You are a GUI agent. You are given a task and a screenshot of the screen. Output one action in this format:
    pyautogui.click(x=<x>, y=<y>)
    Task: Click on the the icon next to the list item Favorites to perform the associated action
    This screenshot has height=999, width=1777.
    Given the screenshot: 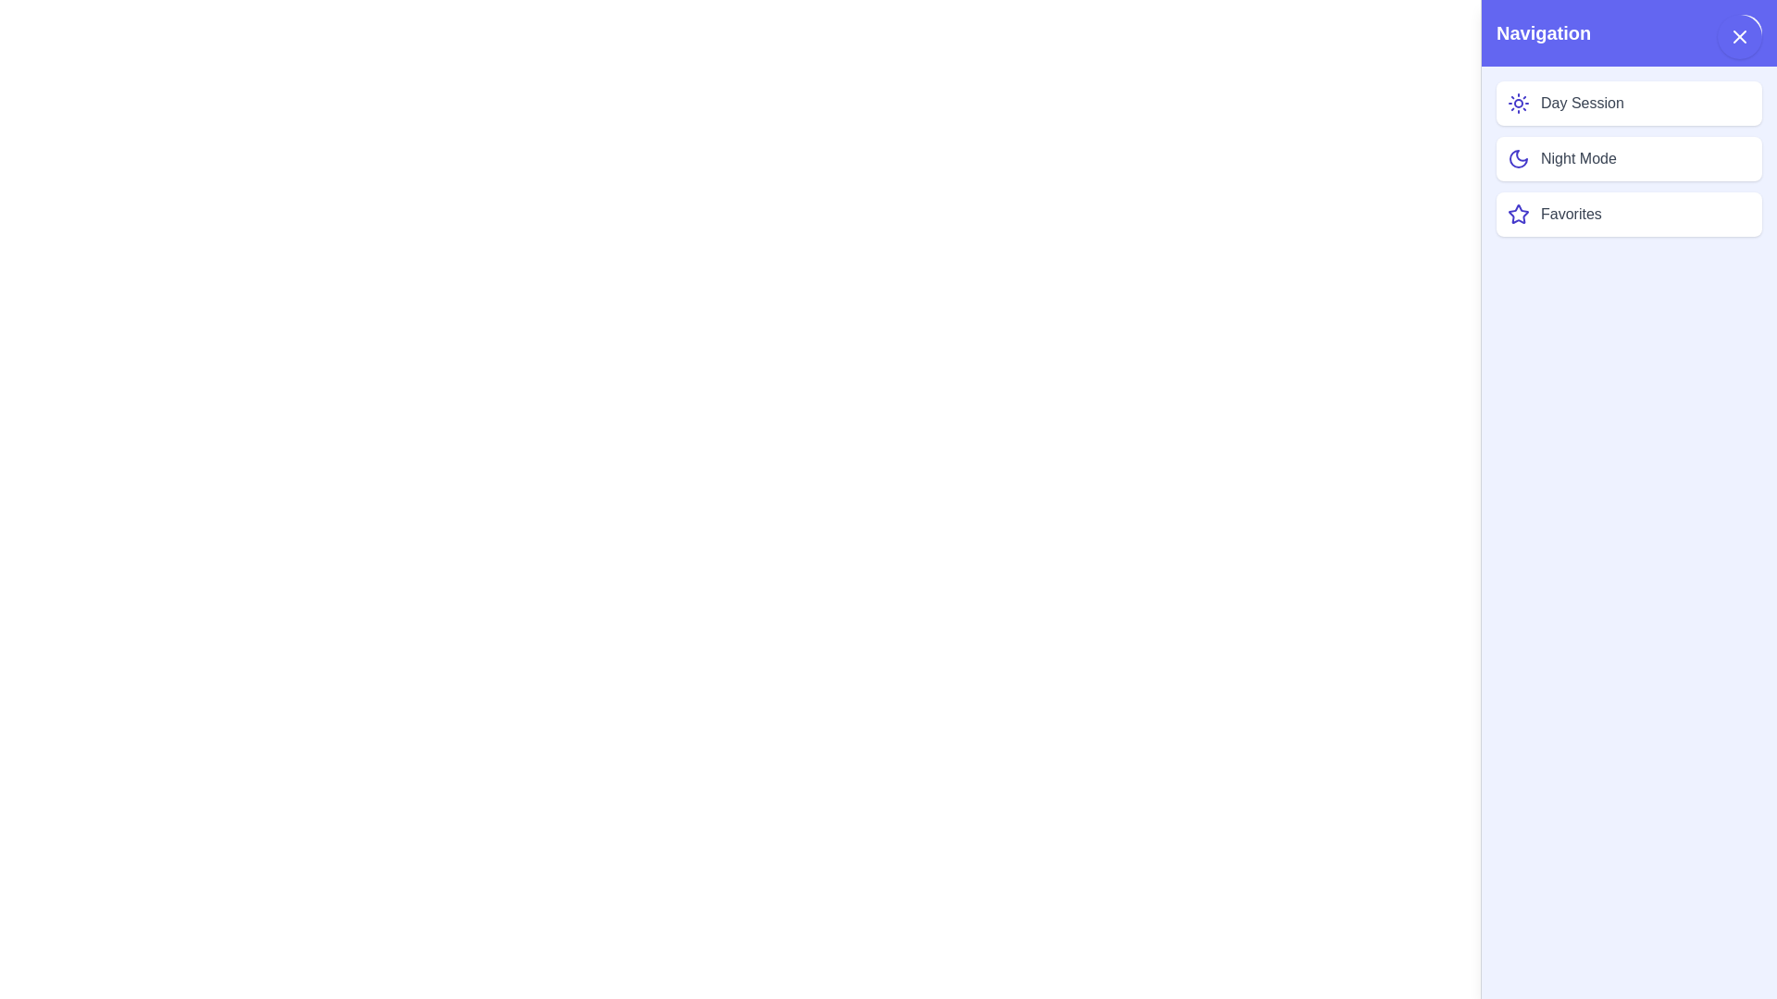 What is the action you would take?
    pyautogui.click(x=1519, y=213)
    